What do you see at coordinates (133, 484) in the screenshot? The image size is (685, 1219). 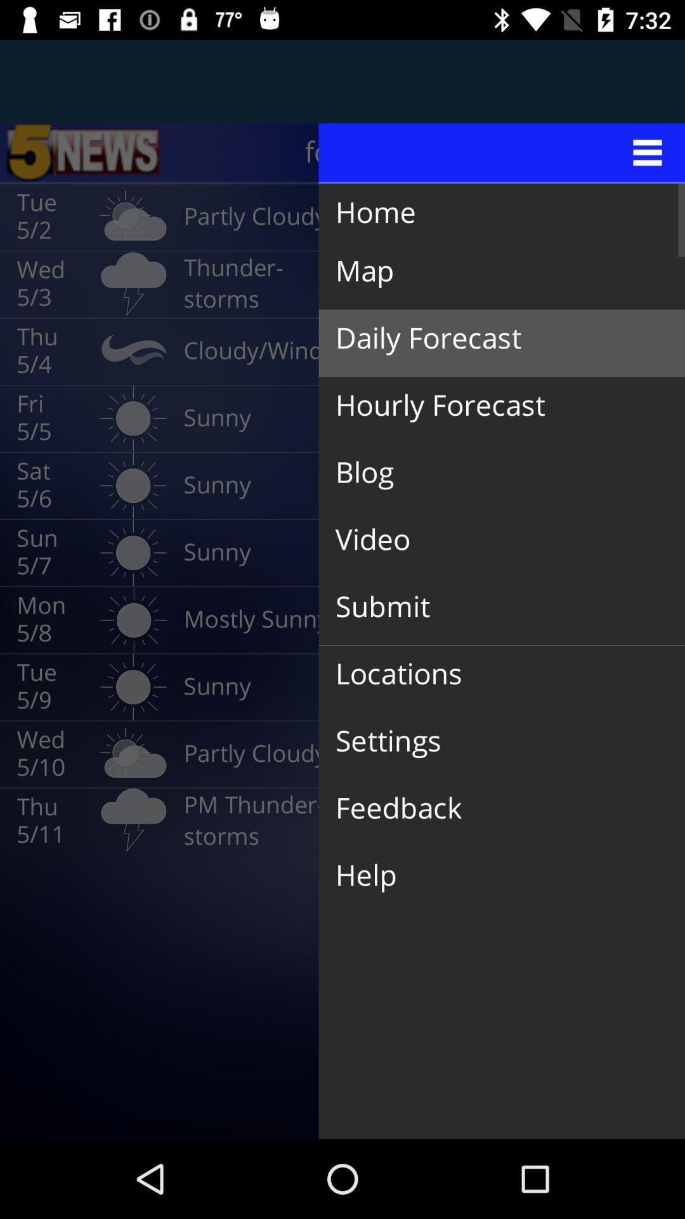 I see `the icon which next to the  sat 56` at bounding box center [133, 484].